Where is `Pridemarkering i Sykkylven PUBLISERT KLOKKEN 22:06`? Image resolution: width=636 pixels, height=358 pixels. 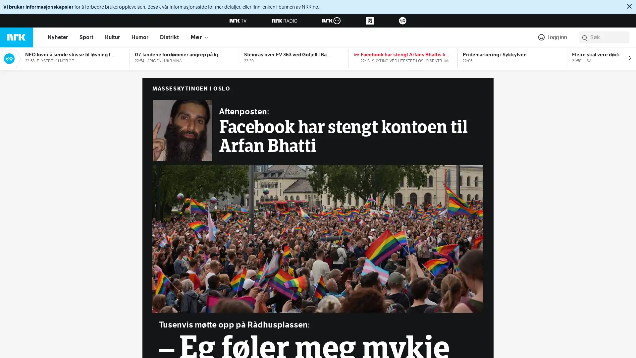 Pridemarkering i Sykkylven PUBLISERT KLOKKEN 22:06 is located at coordinates (512, 57).